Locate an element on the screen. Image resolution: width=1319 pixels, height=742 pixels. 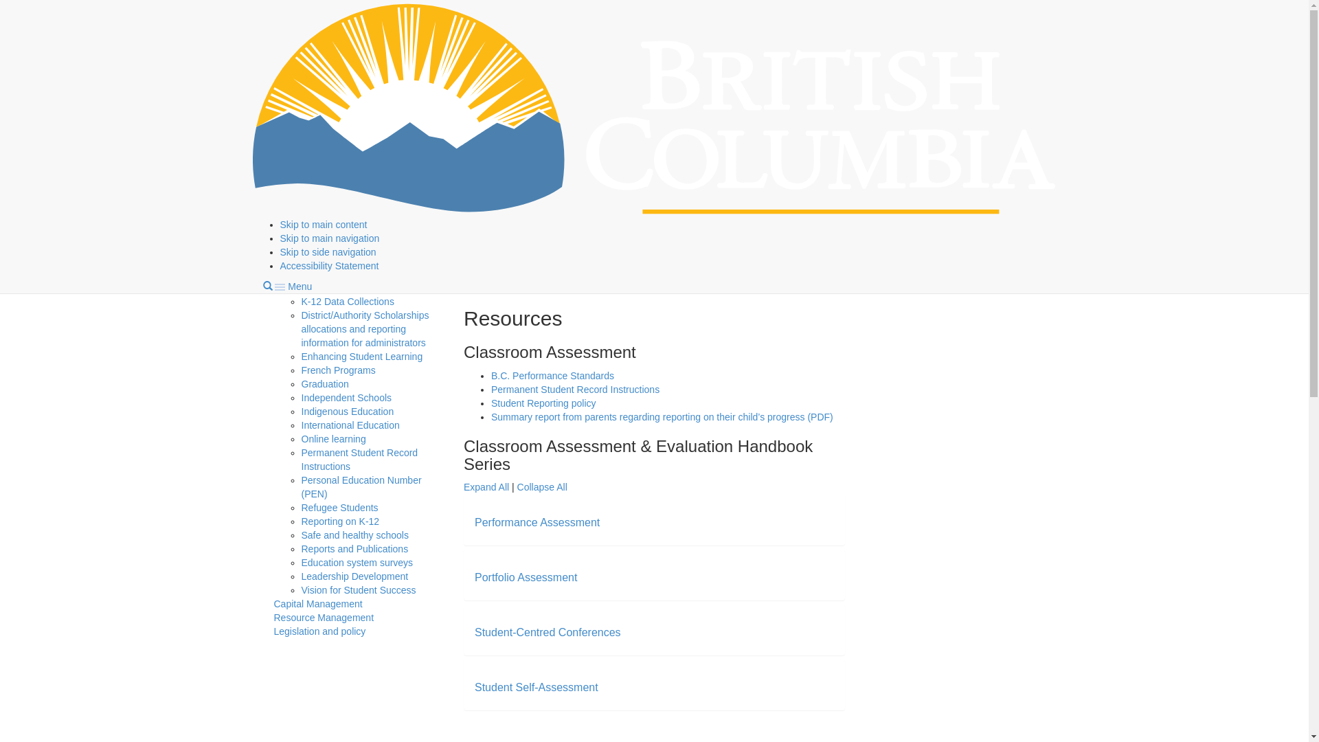
'Refugee Students' is located at coordinates (339, 508).